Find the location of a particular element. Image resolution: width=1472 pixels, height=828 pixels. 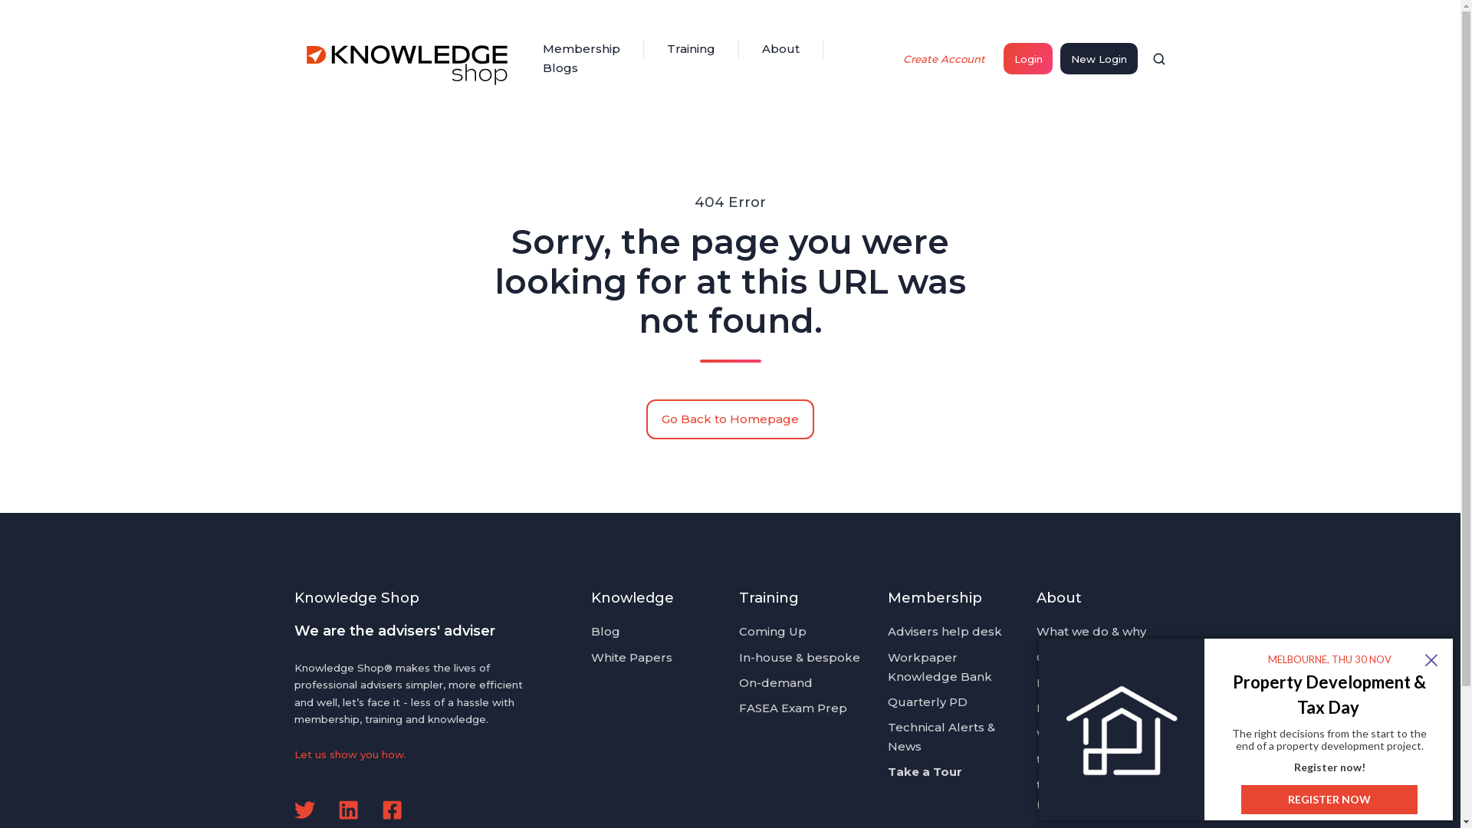

'Contact us' is located at coordinates (1067, 656).